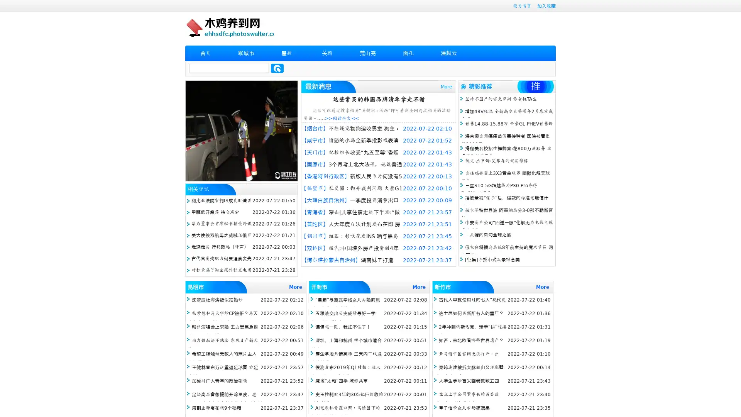 Image resolution: width=741 pixels, height=417 pixels. I want to click on Search, so click(277, 68).